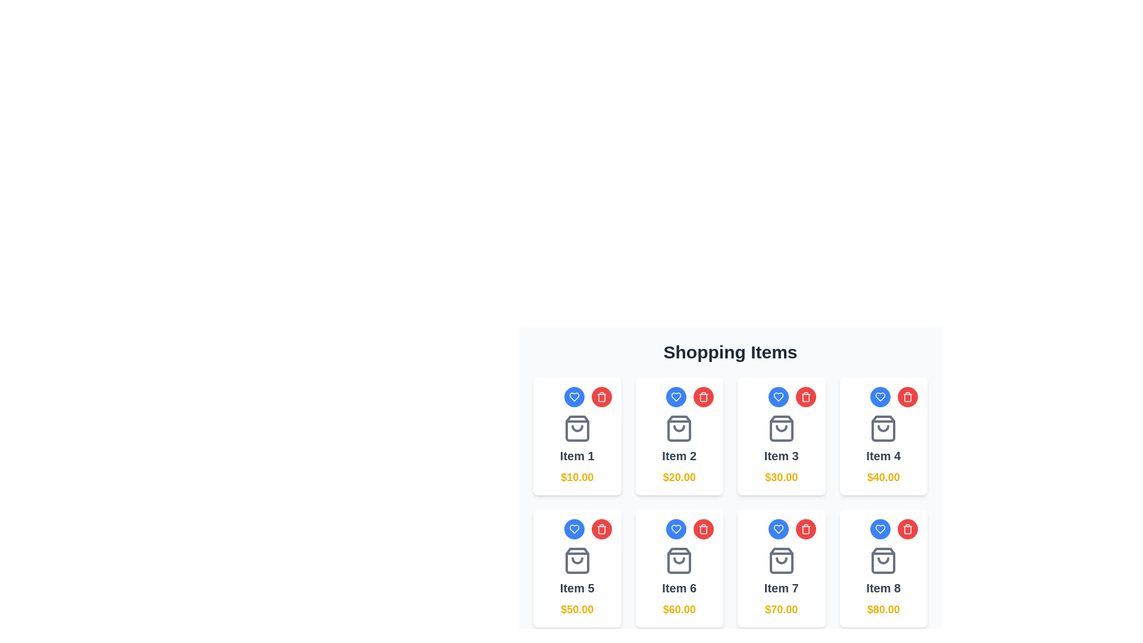 This screenshot has height=643, width=1143. I want to click on the delete button for 'Item 6', so click(703, 528).